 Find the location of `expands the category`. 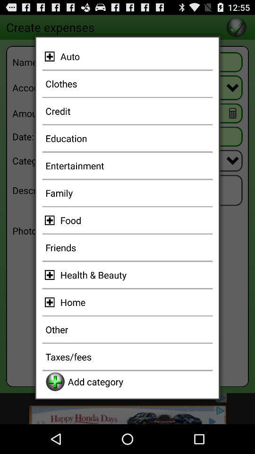

expands the category is located at coordinates (51, 56).